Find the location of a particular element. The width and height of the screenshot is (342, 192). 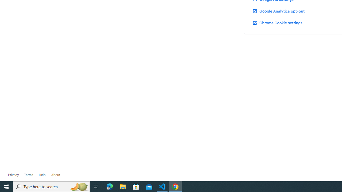

'Help' is located at coordinates (42, 175).